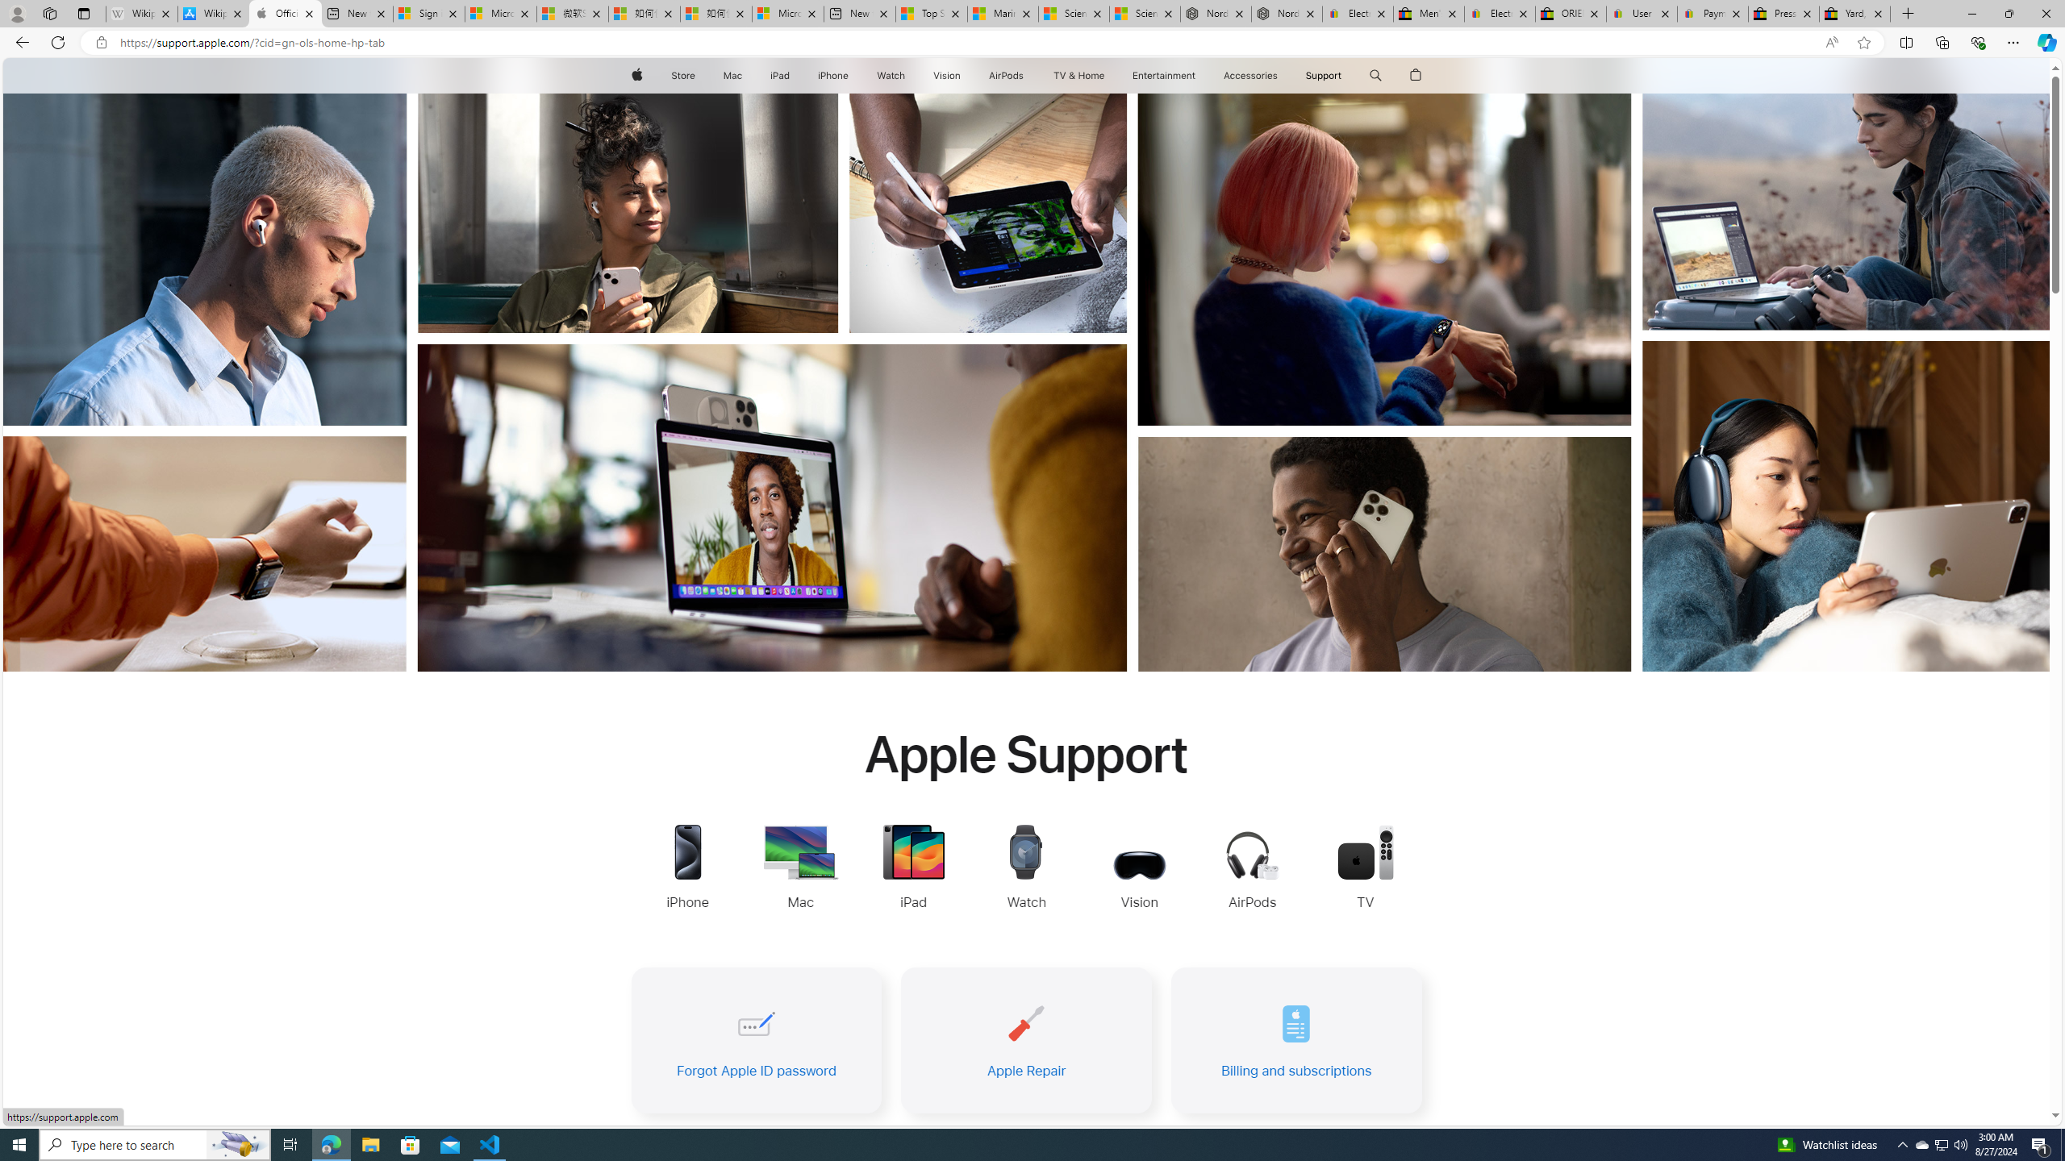  Describe the element at coordinates (1712, 13) in the screenshot. I see `'Payments Terms of Use | eBay.com'` at that location.